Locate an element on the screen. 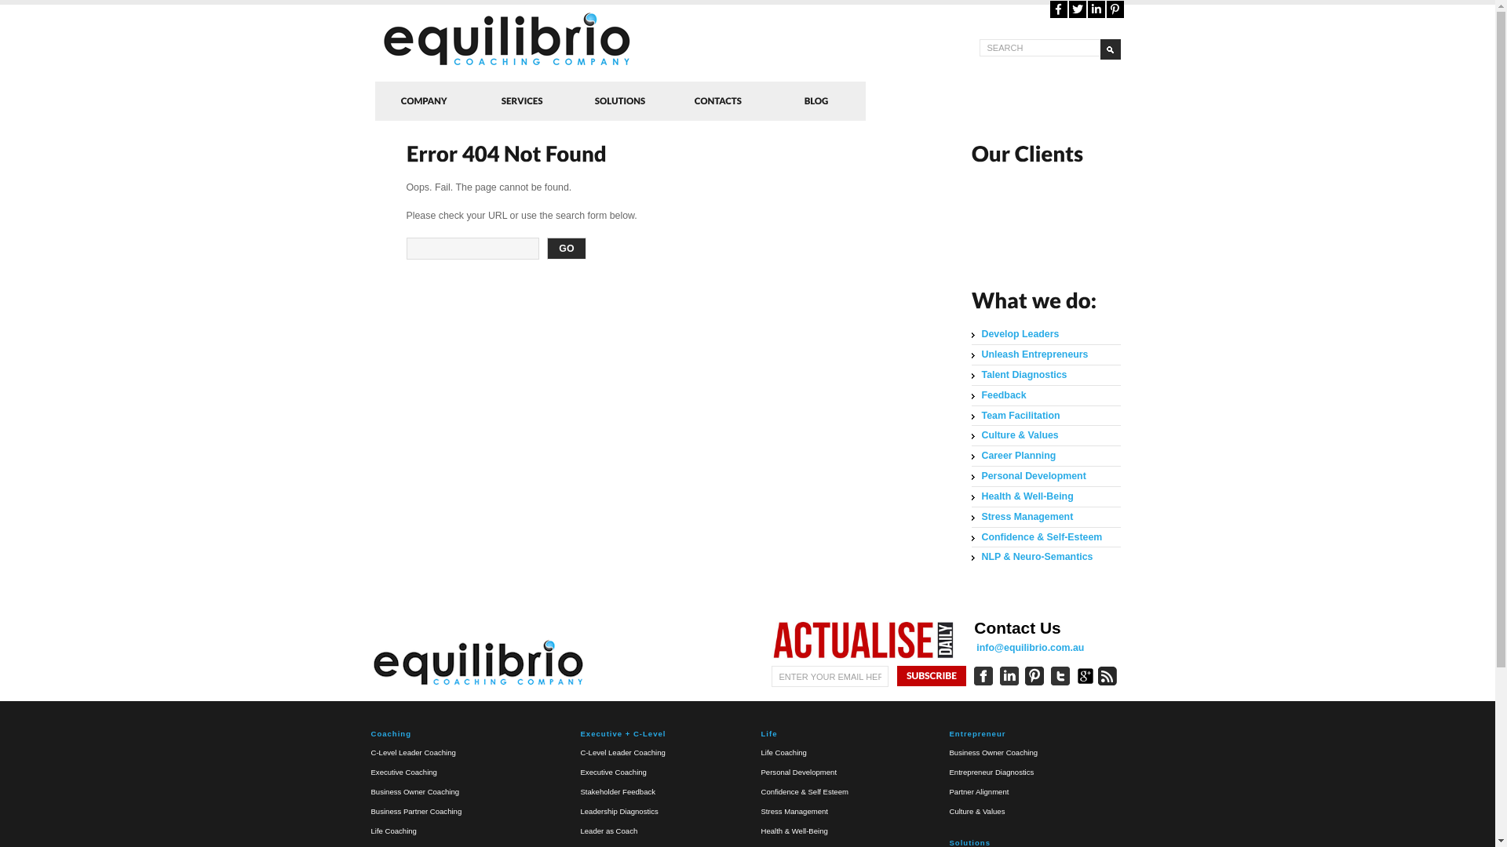 This screenshot has width=1507, height=847. 'Entrepreneur Diagnostics' is located at coordinates (991, 771).